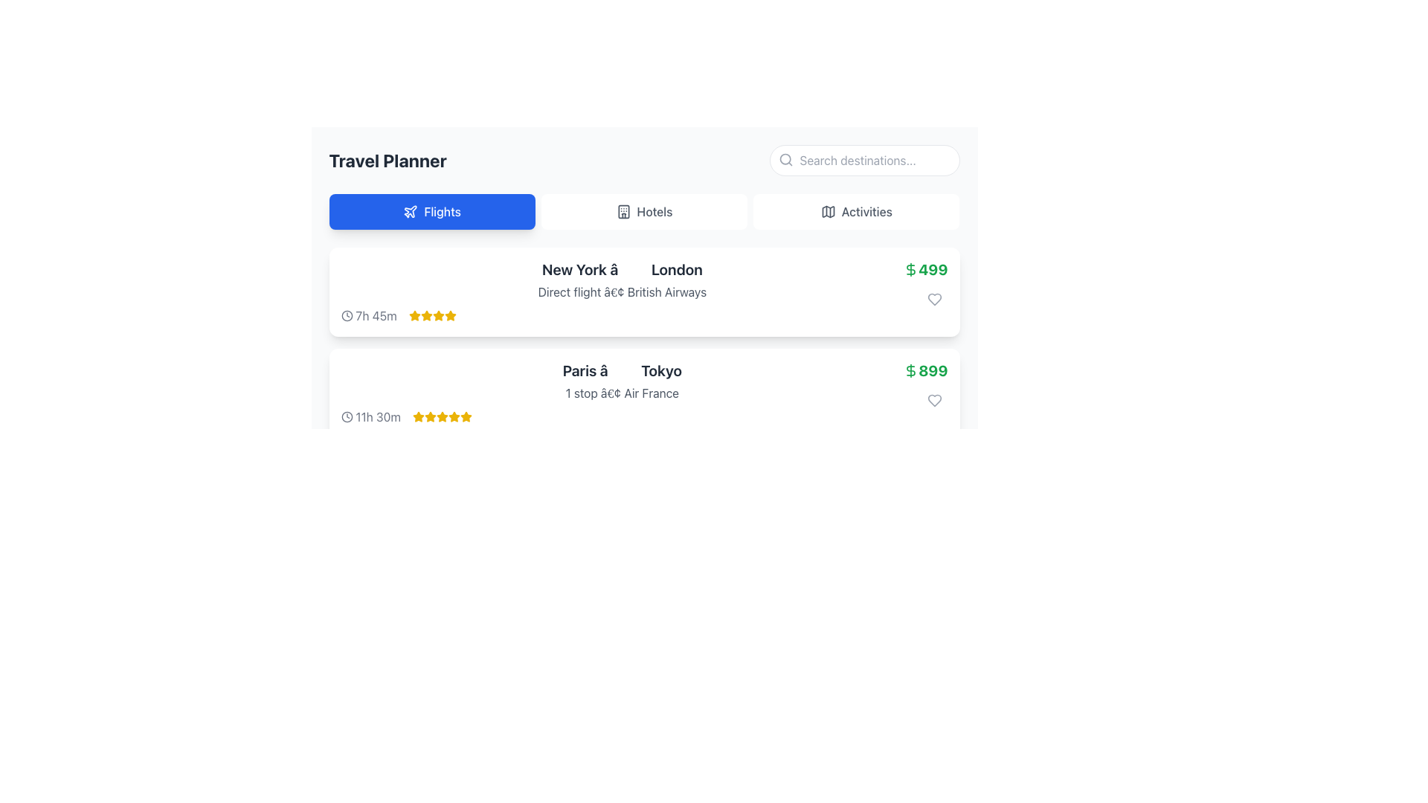  What do you see at coordinates (369, 315) in the screenshot?
I see `the text label displaying '7h 45m' with a clock icon, located in the first row of the Flight Planner interface, to the left of yellow stars` at bounding box center [369, 315].